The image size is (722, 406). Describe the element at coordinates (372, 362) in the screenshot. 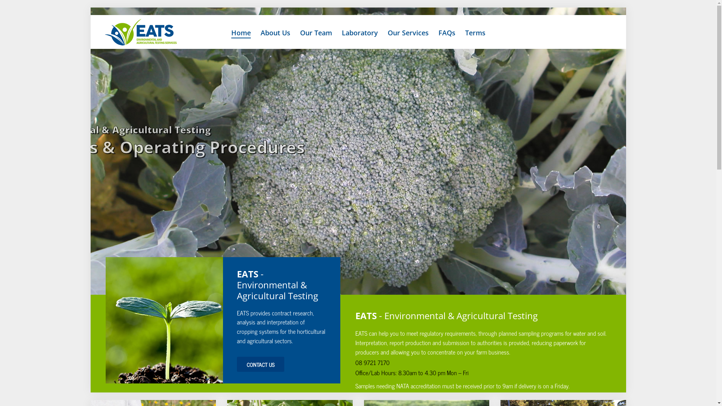

I see `'08 9721 7170'` at that location.